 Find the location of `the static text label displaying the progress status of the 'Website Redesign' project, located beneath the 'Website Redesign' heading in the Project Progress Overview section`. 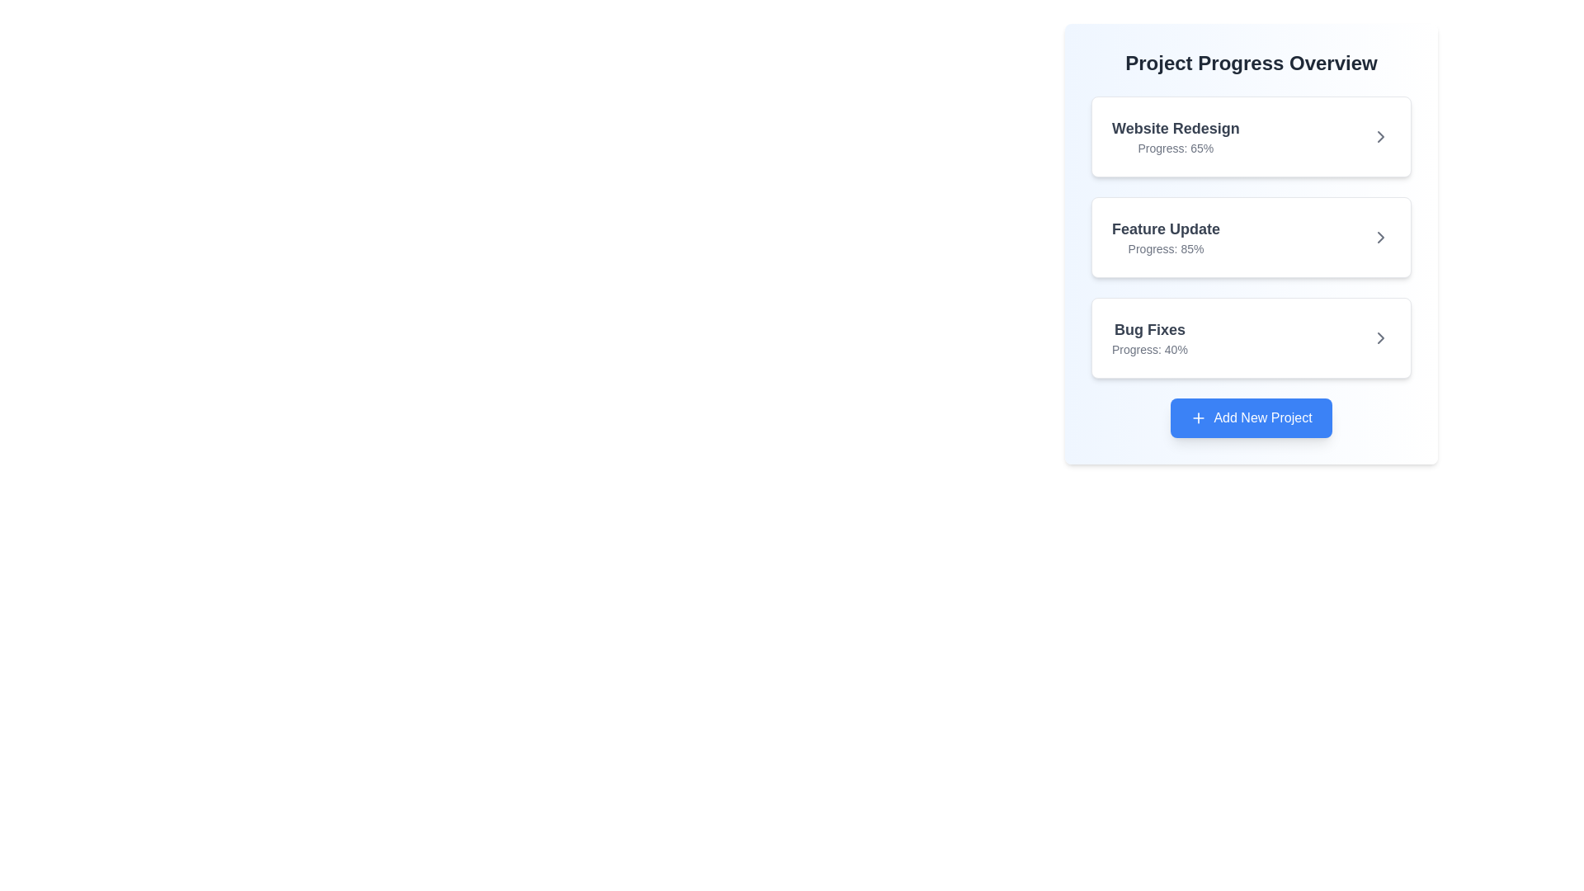

the static text label displaying the progress status of the 'Website Redesign' project, located beneath the 'Website Redesign' heading in the Project Progress Overview section is located at coordinates (1175, 148).